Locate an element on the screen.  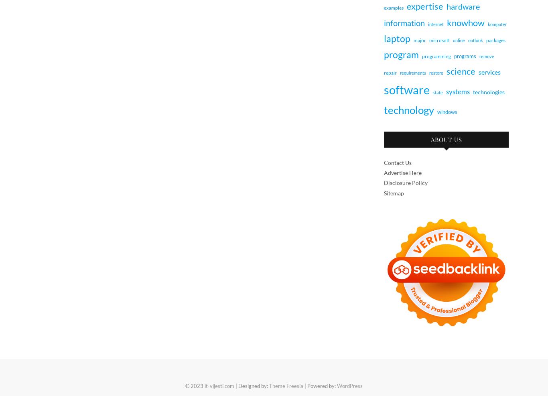
'programming' is located at coordinates (436, 56).